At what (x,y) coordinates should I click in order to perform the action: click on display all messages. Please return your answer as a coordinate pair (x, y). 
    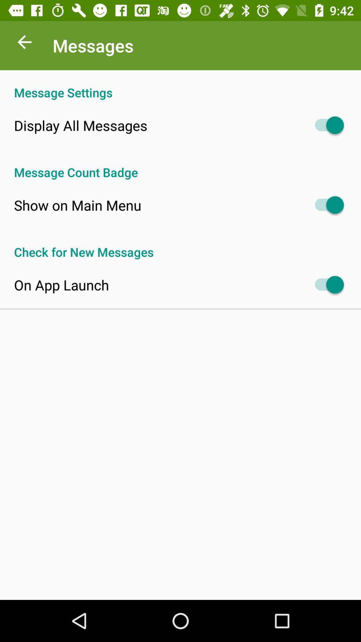
    Looking at the image, I should click on (80, 125).